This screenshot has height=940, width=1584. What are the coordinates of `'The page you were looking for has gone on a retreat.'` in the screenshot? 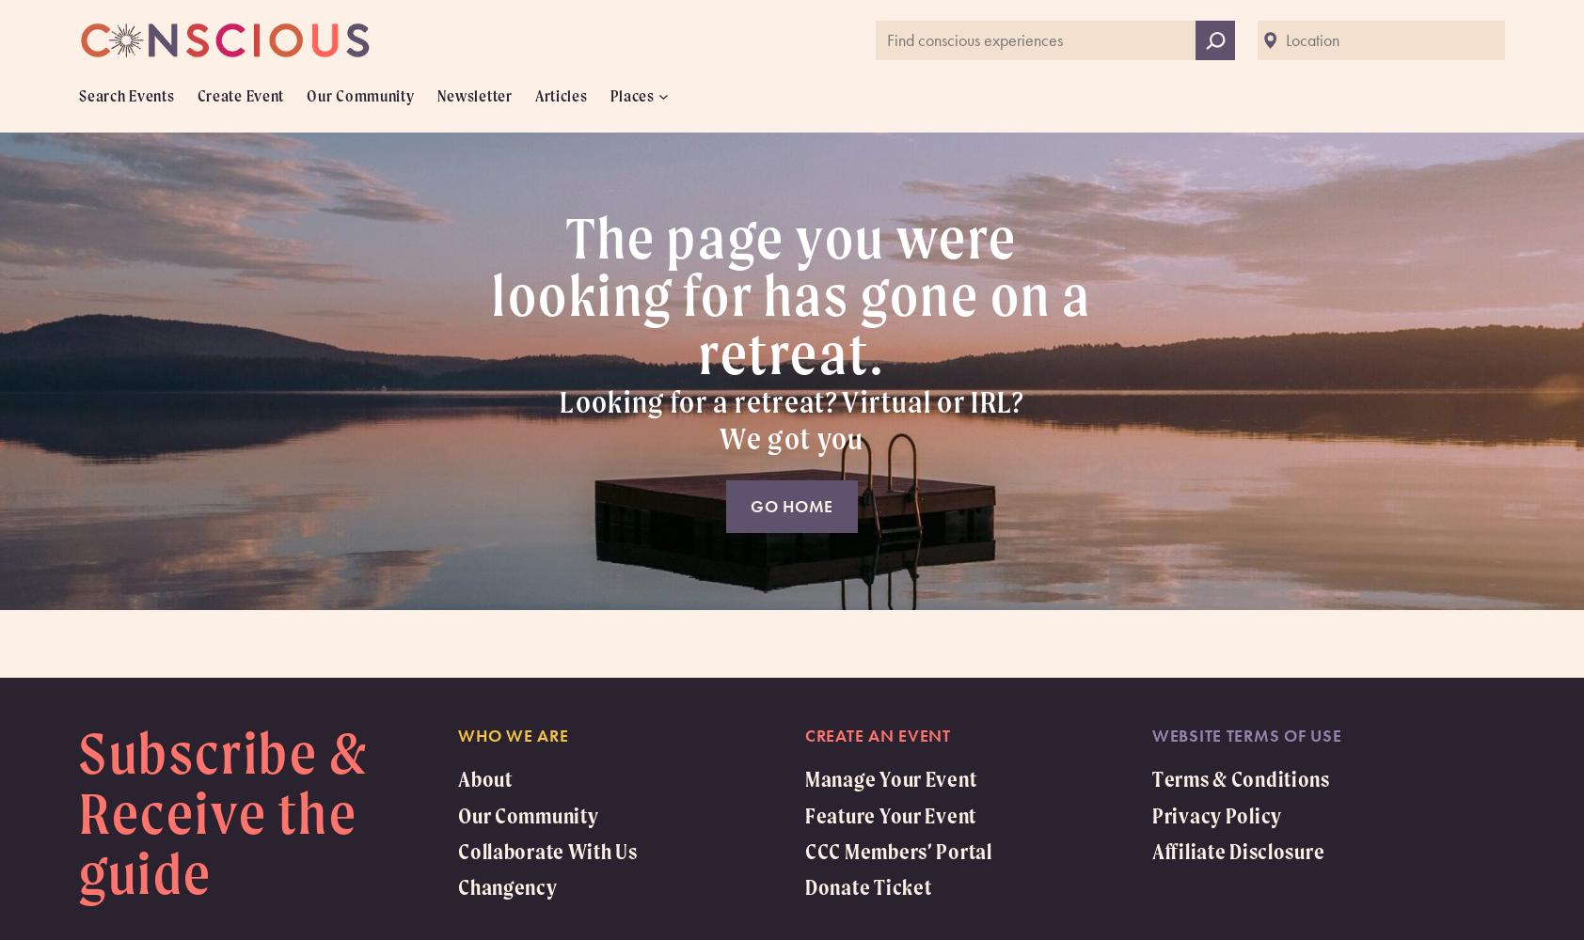 It's located at (792, 294).